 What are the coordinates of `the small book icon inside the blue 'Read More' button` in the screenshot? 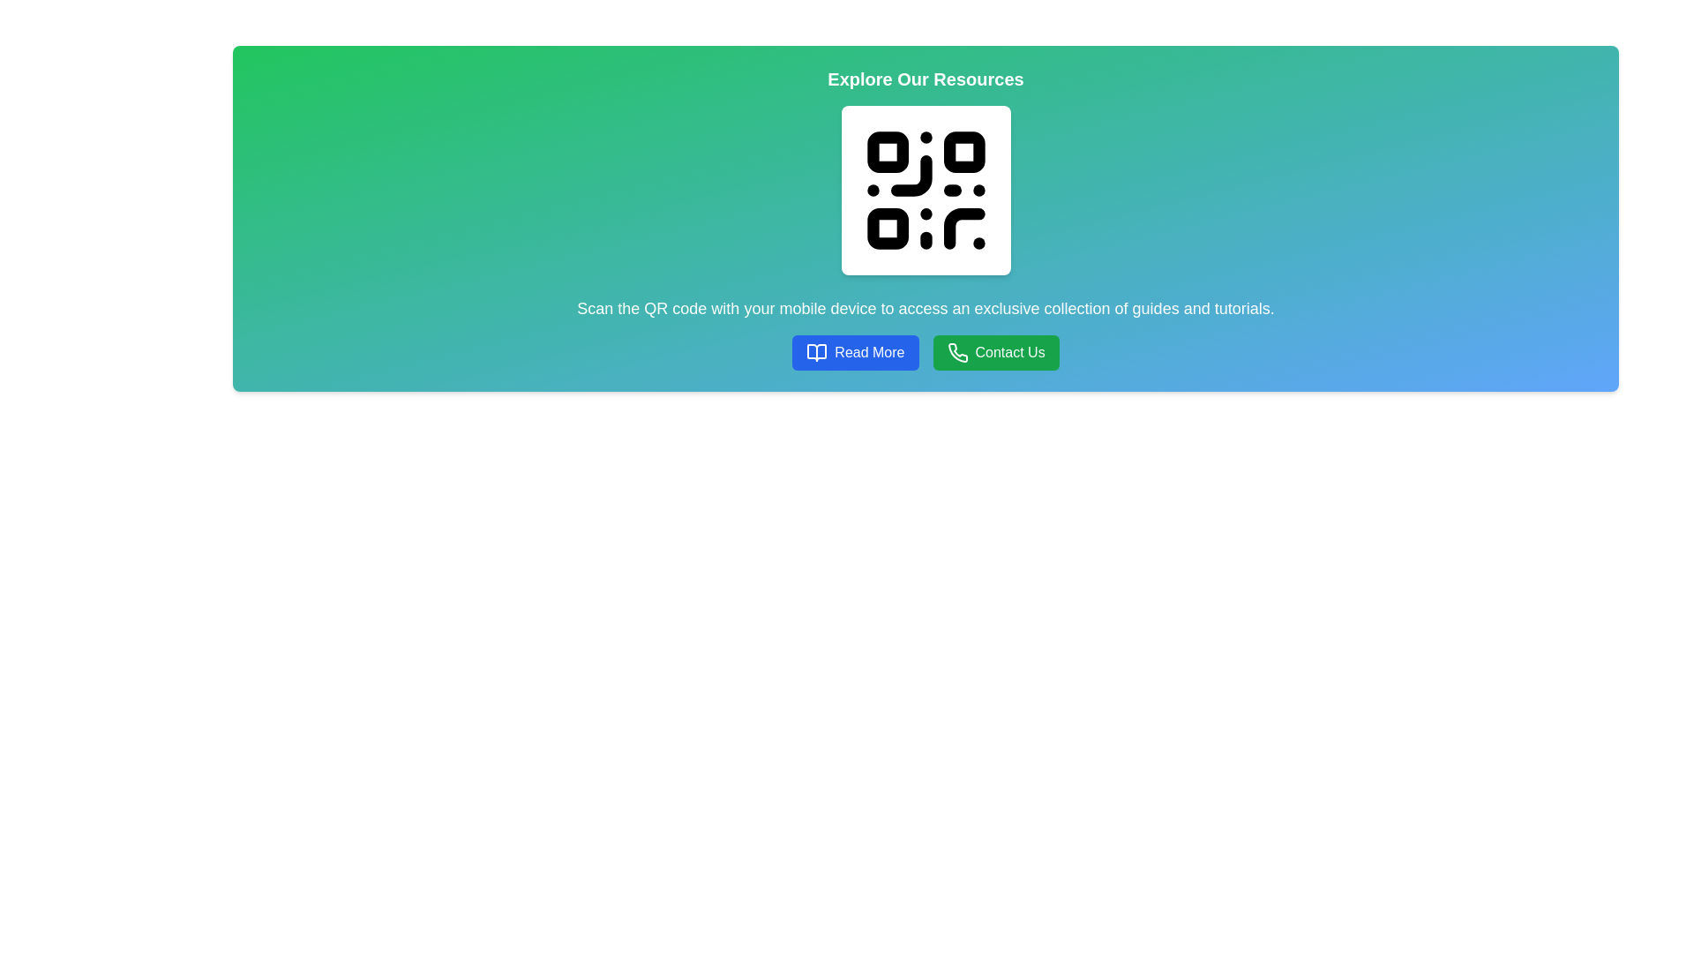 It's located at (816, 353).